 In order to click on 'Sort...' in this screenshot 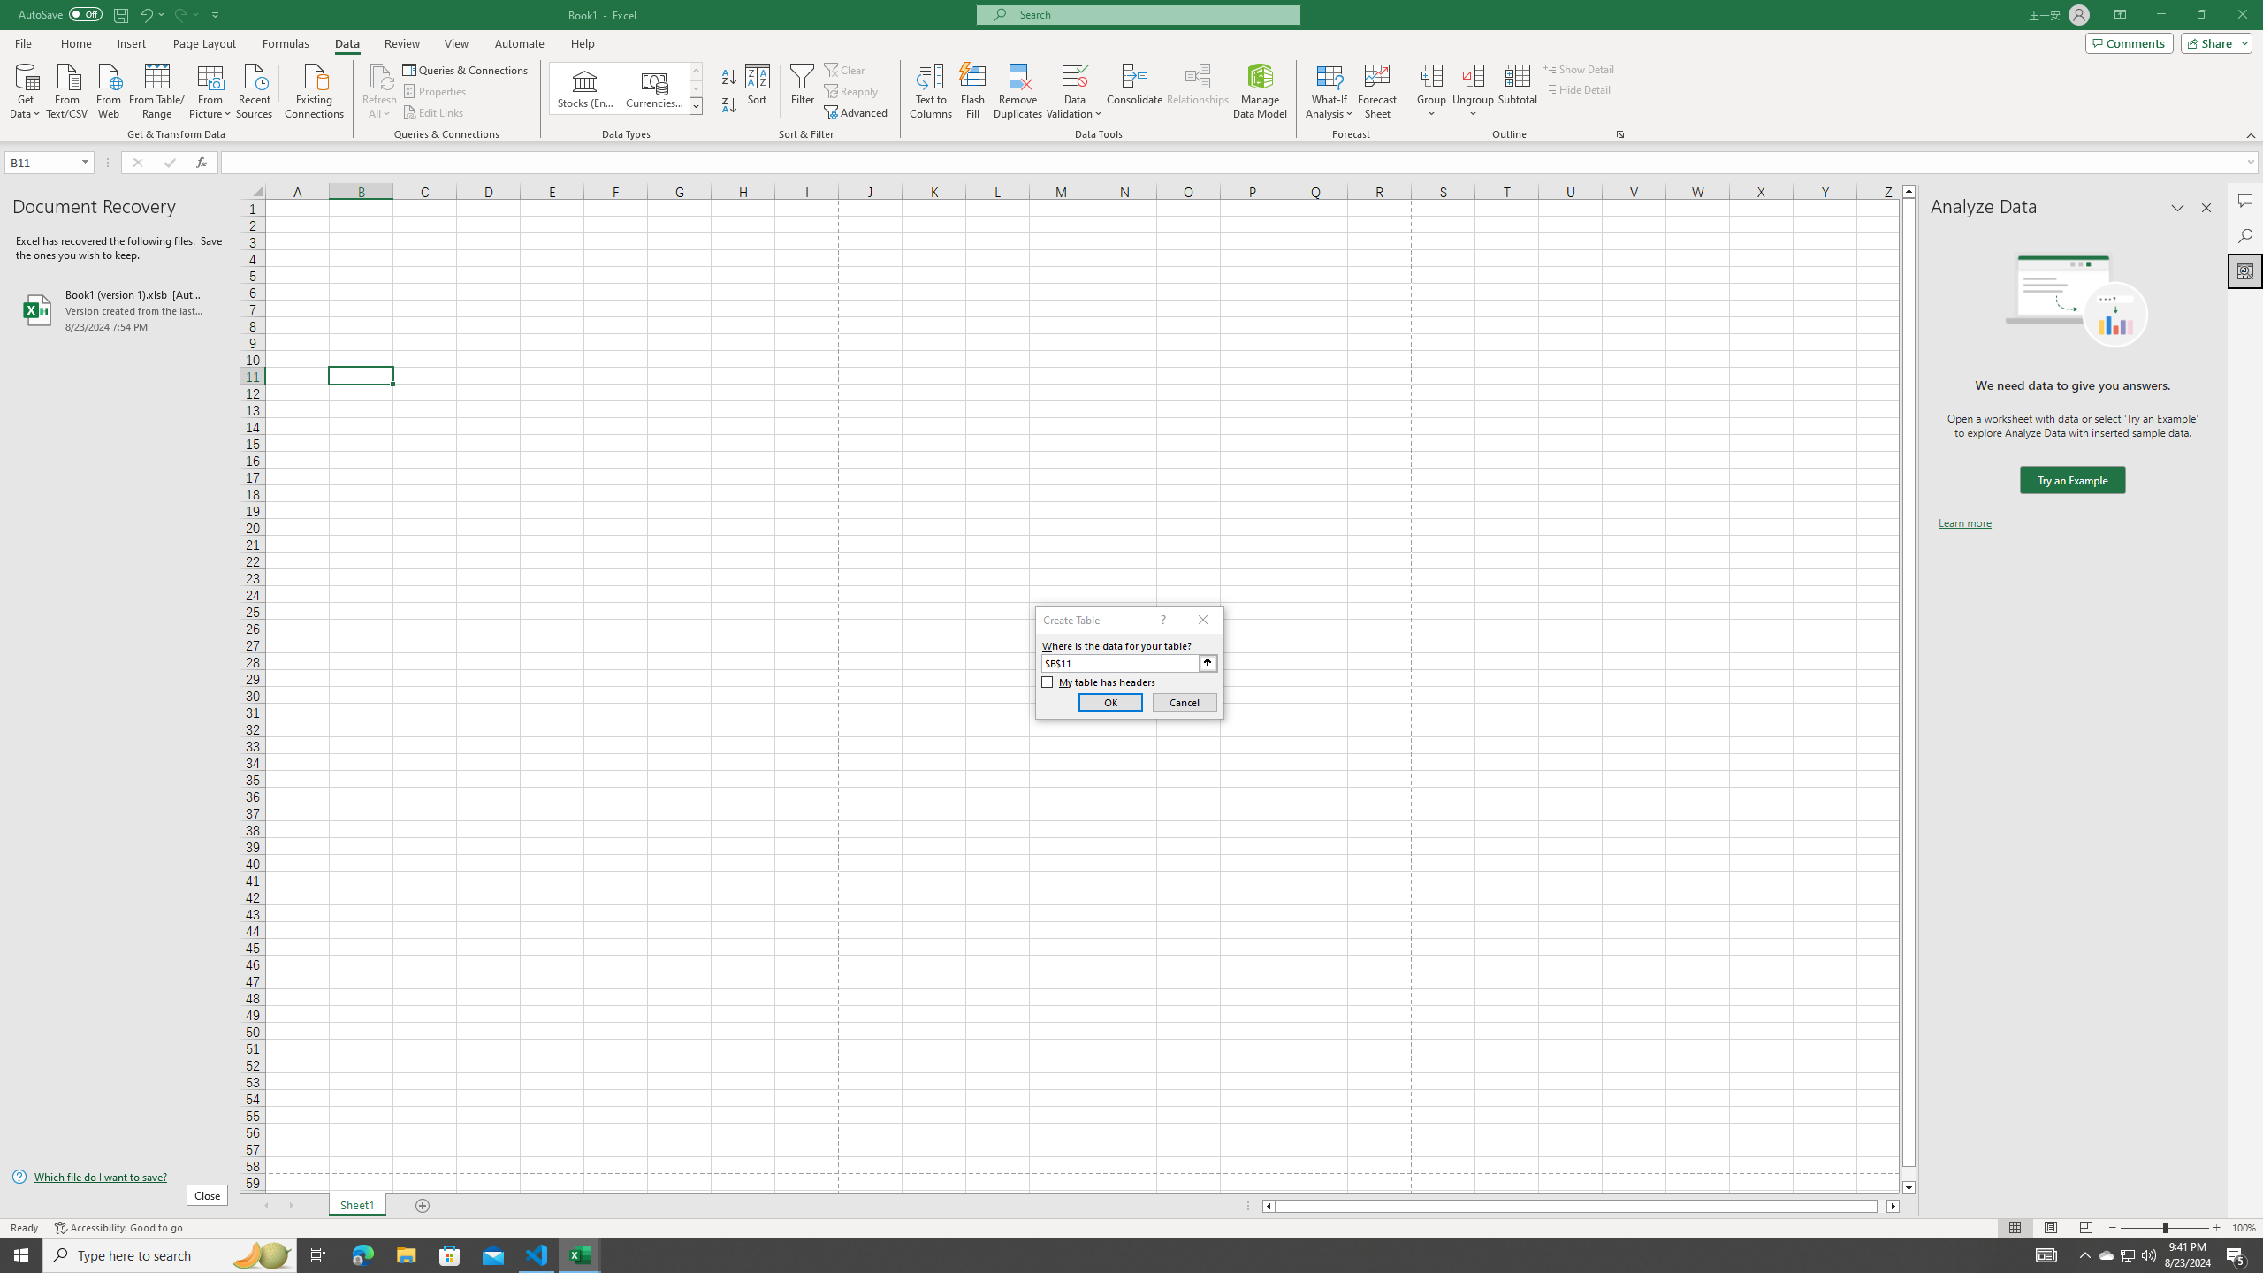, I will do `click(757, 91)`.